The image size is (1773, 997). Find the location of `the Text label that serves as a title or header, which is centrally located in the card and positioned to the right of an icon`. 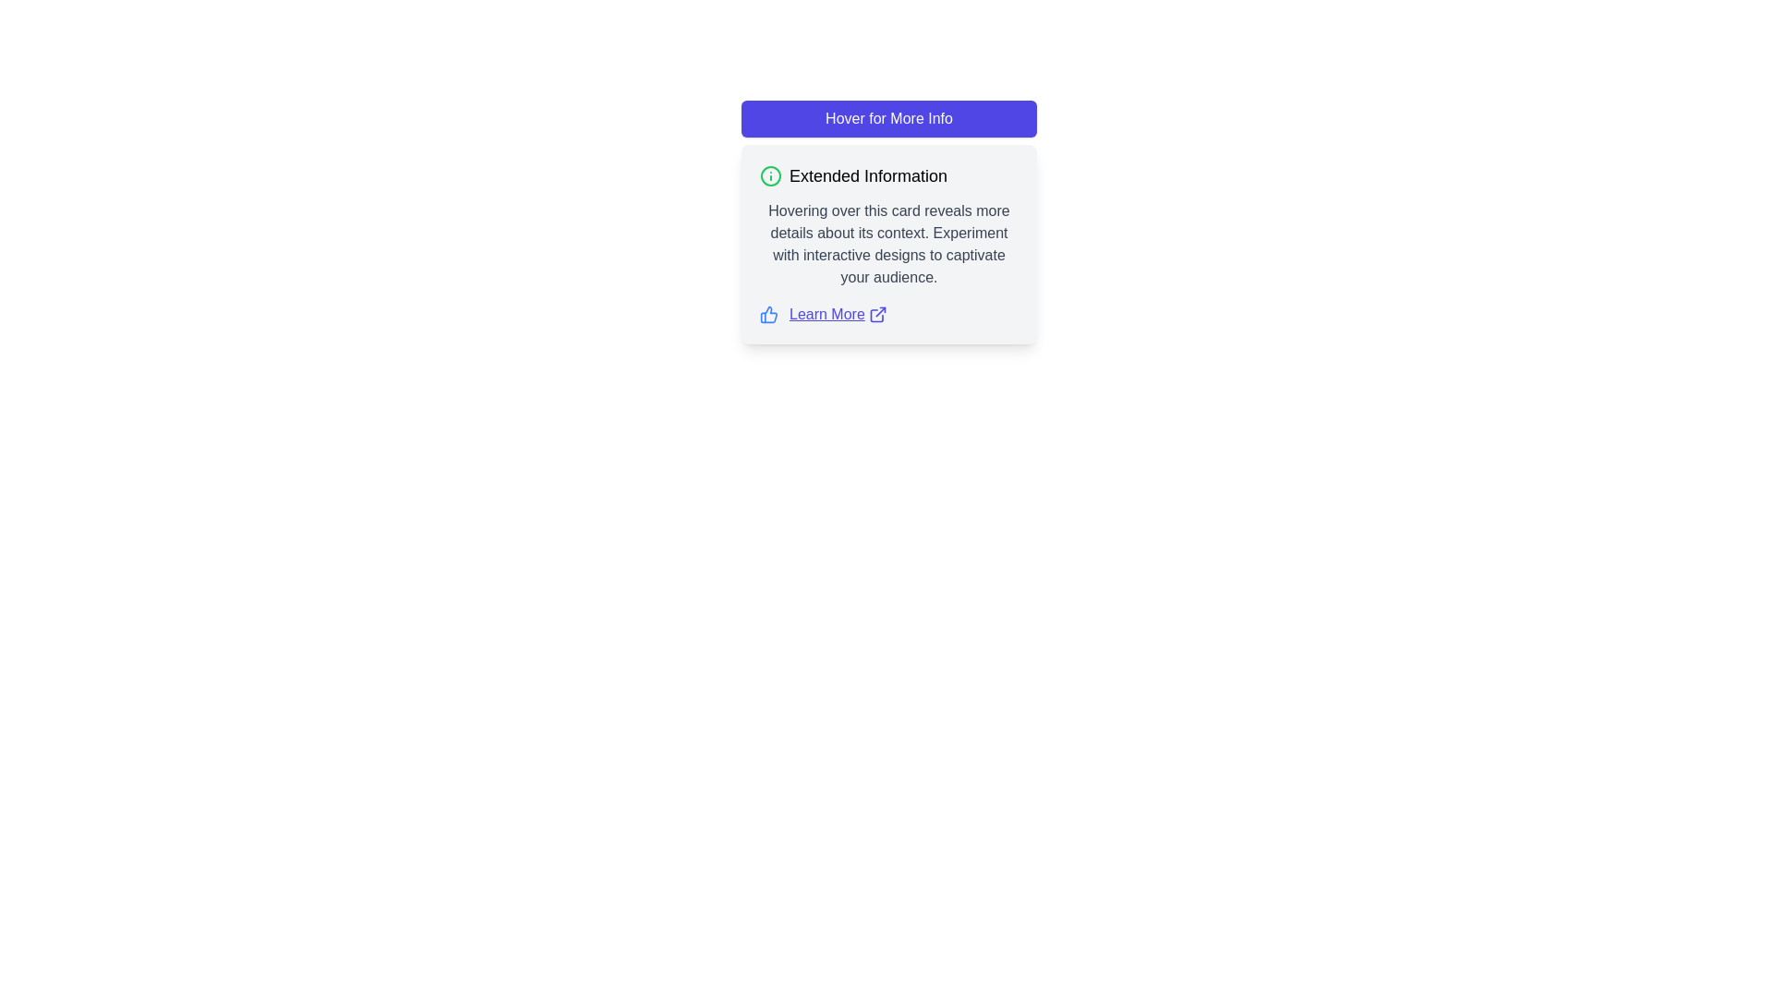

the Text label that serves as a title or header, which is centrally located in the card and positioned to the right of an icon is located at coordinates (867, 176).